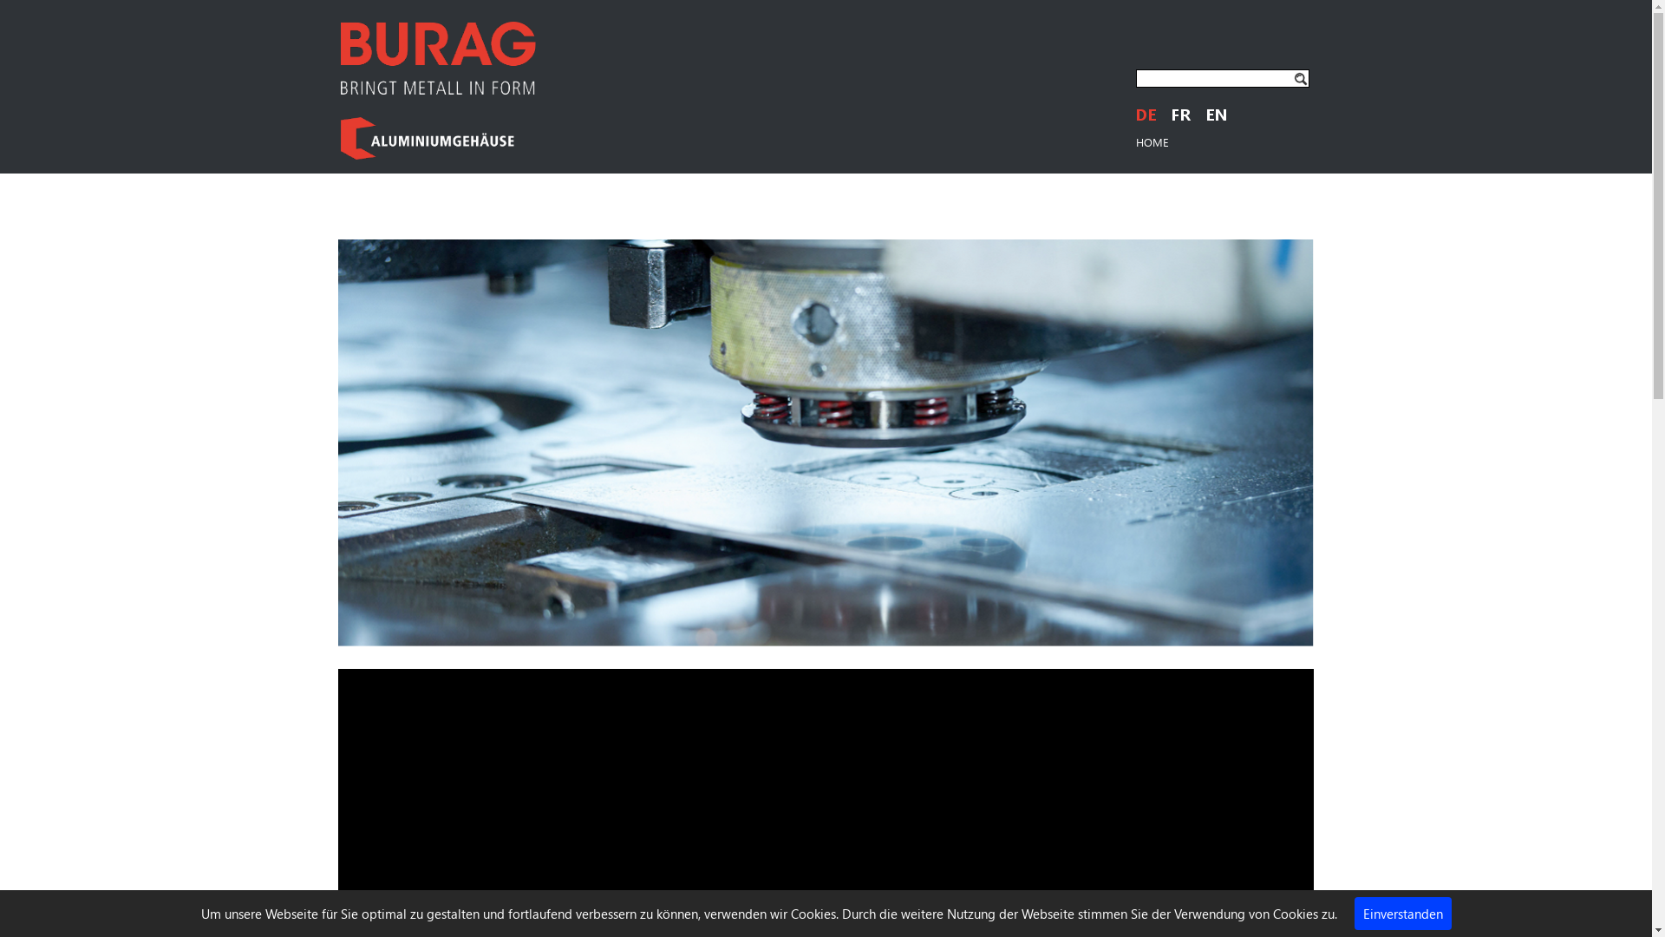  Describe the element at coordinates (1152, 141) in the screenshot. I see `'HOME'` at that location.